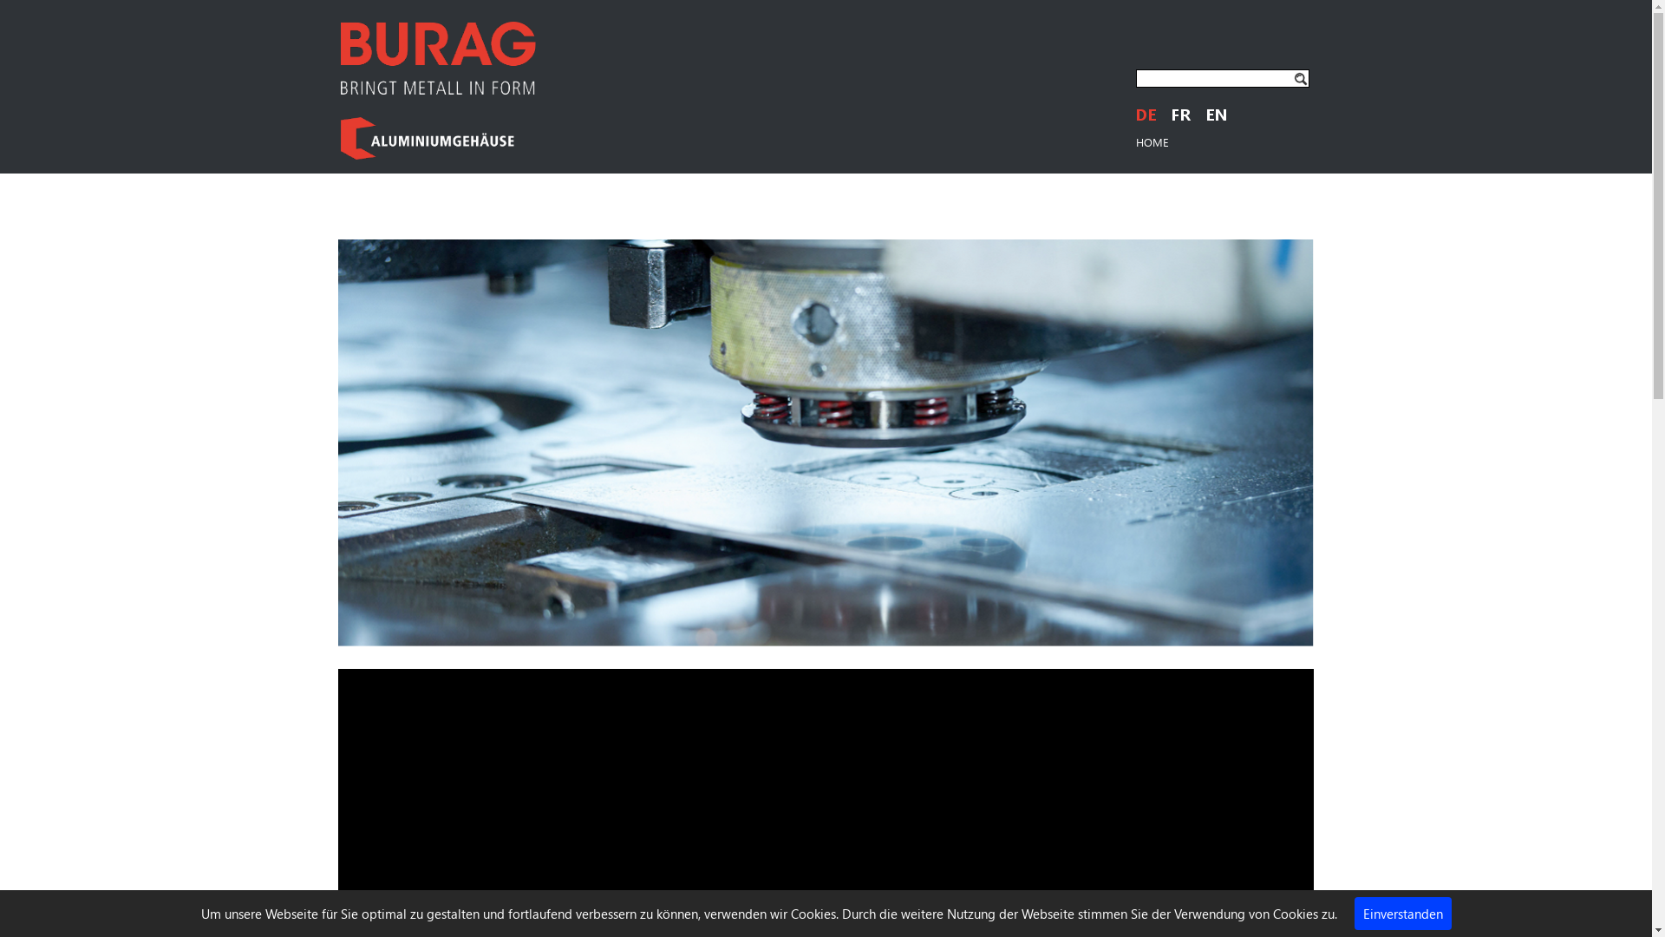  Describe the element at coordinates (1152, 141) in the screenshot. I see `'HOME'` at that location.